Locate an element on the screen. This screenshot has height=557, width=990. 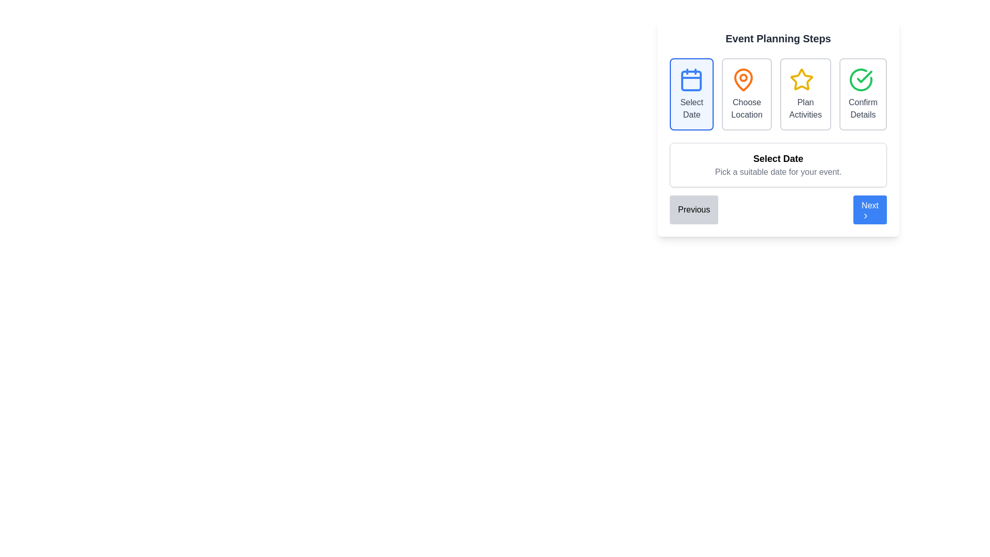
the text-based heading or label located at the top of the 'Event Planning Steps' section, which helps users understand the context of selecting a date is located at coordinates (778, 159).